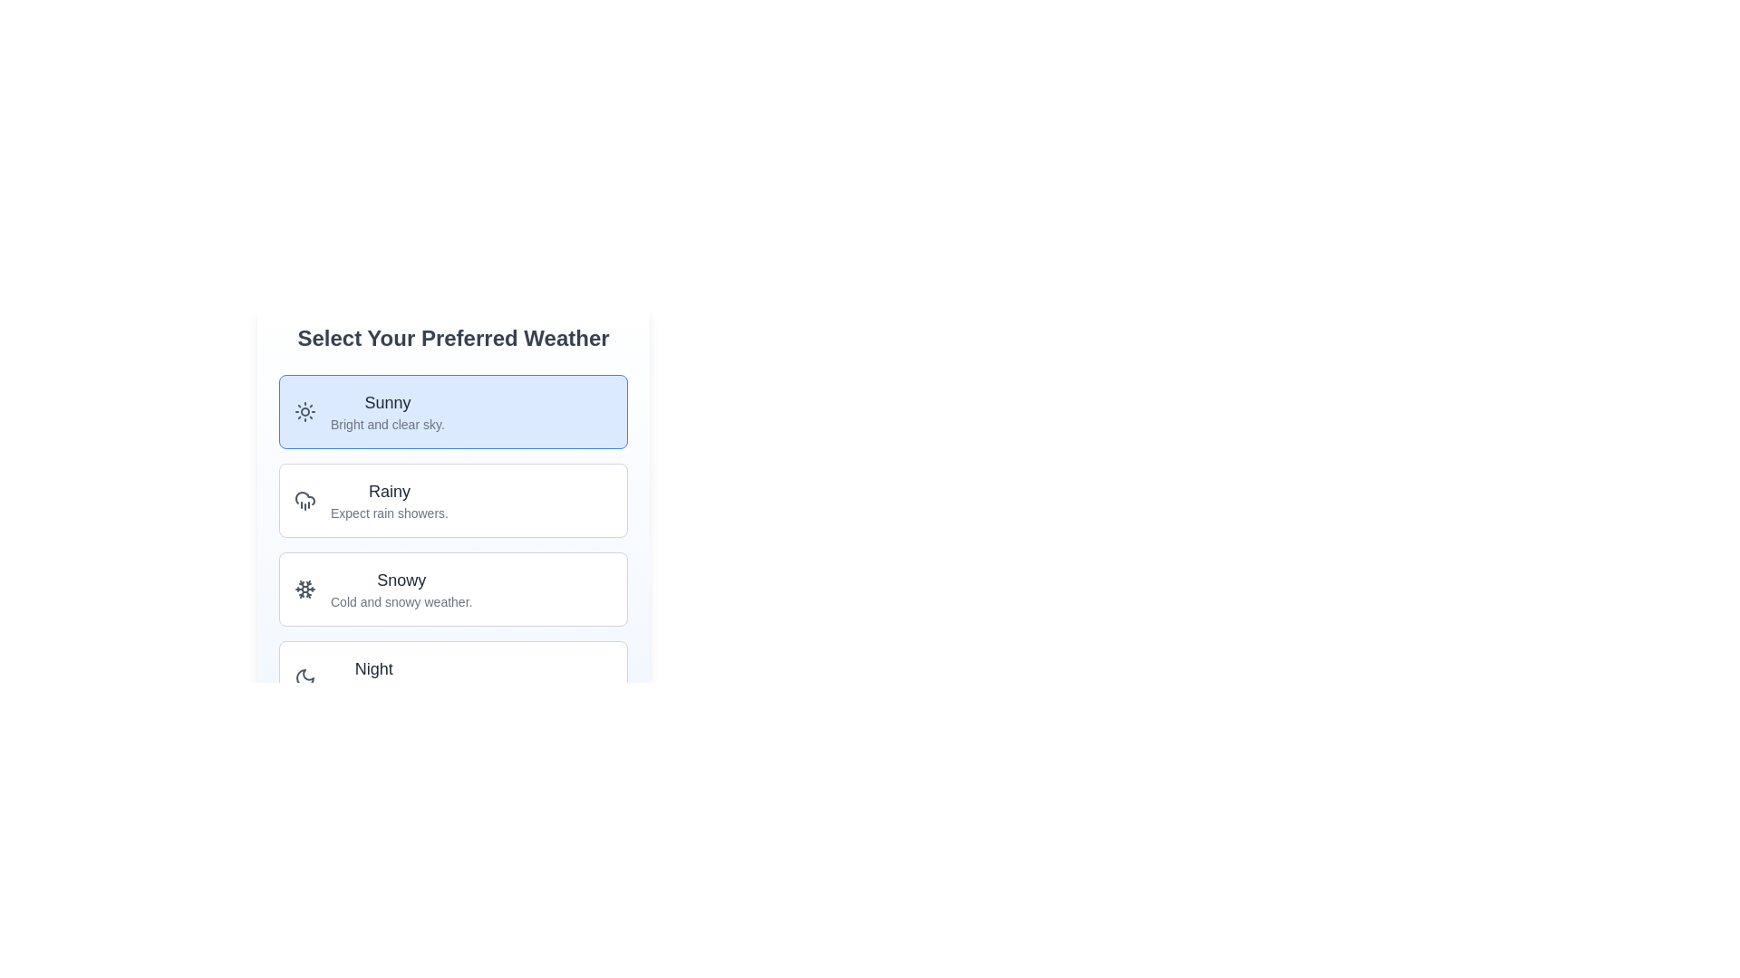 The image size is (1740, 978). Describe the element at coordinates (372, 669) in the screenshot. I see `the text label displaying 'Night' which is in bold dark gray font, located at the bottom of the weather options list, above 'Clear night sky'` at that location.